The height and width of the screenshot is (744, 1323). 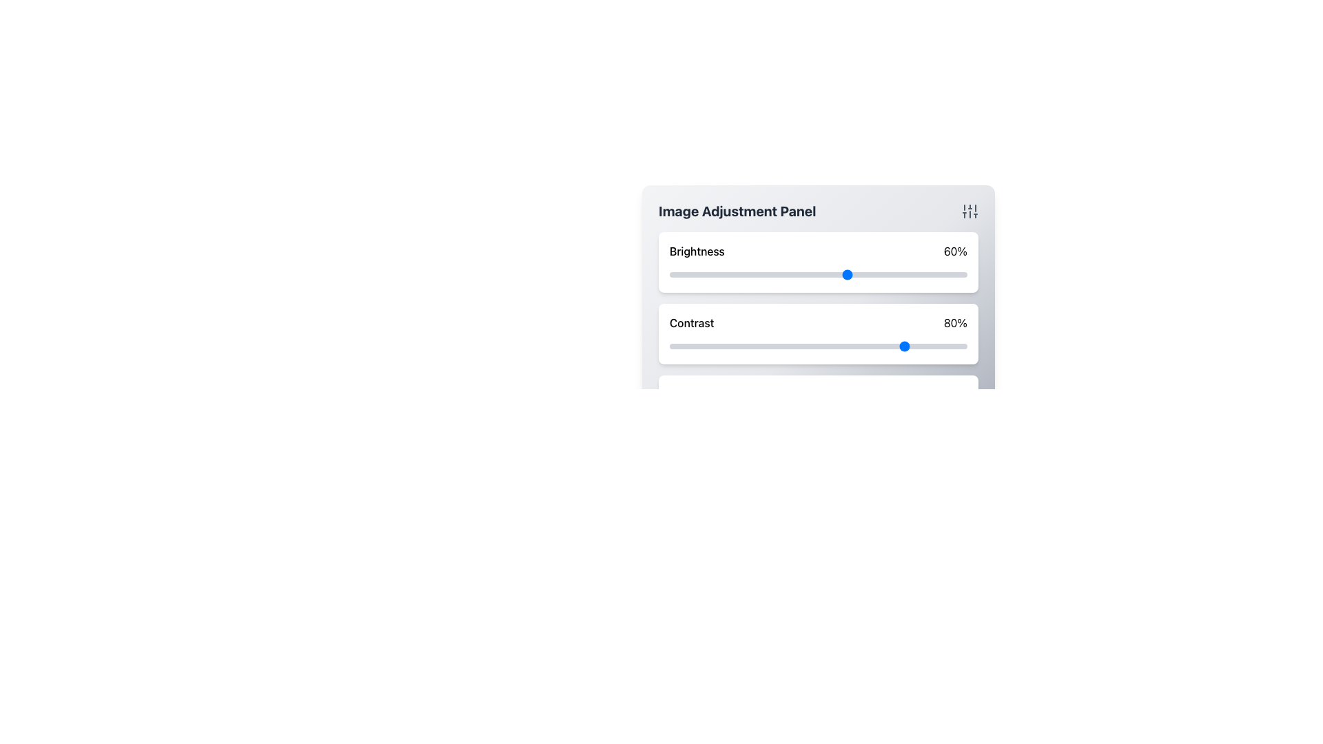 I want to click on the 'Image Adjustment Panel' header, which is a bold, large-sized dark gray text located at the top section of the panel interface, so click(x=737, y=211).